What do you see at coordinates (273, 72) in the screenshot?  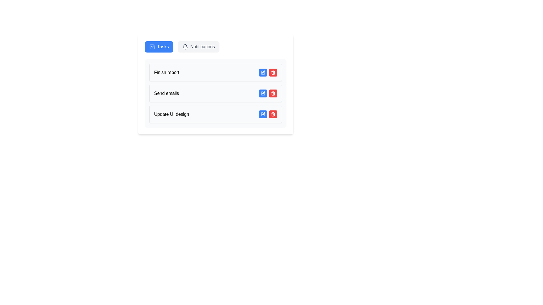 I see `the red trash can icon button, which is located to the right of the 'Finish report' task in the task list` at bounding box center [273, 72].